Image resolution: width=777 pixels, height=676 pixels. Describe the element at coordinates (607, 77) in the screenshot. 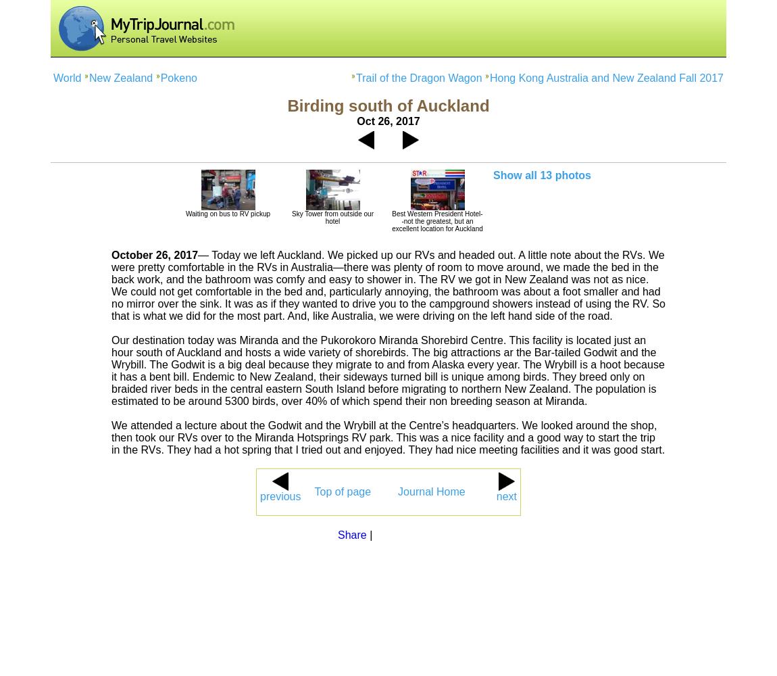

I see `'Hong Kong Australia and New Zealand Fall 2017'` at that location.